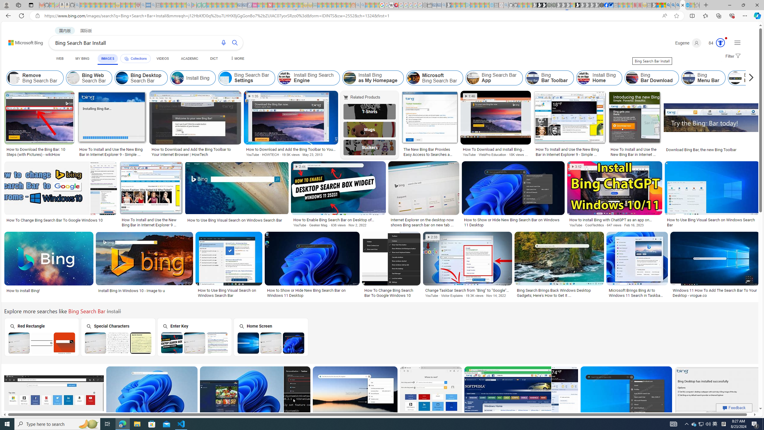  What do you see at coordinates (572, 5) in the screenshot?
I see `'Sign in to your account - Sleeping'` at bounding box center [572, 5].